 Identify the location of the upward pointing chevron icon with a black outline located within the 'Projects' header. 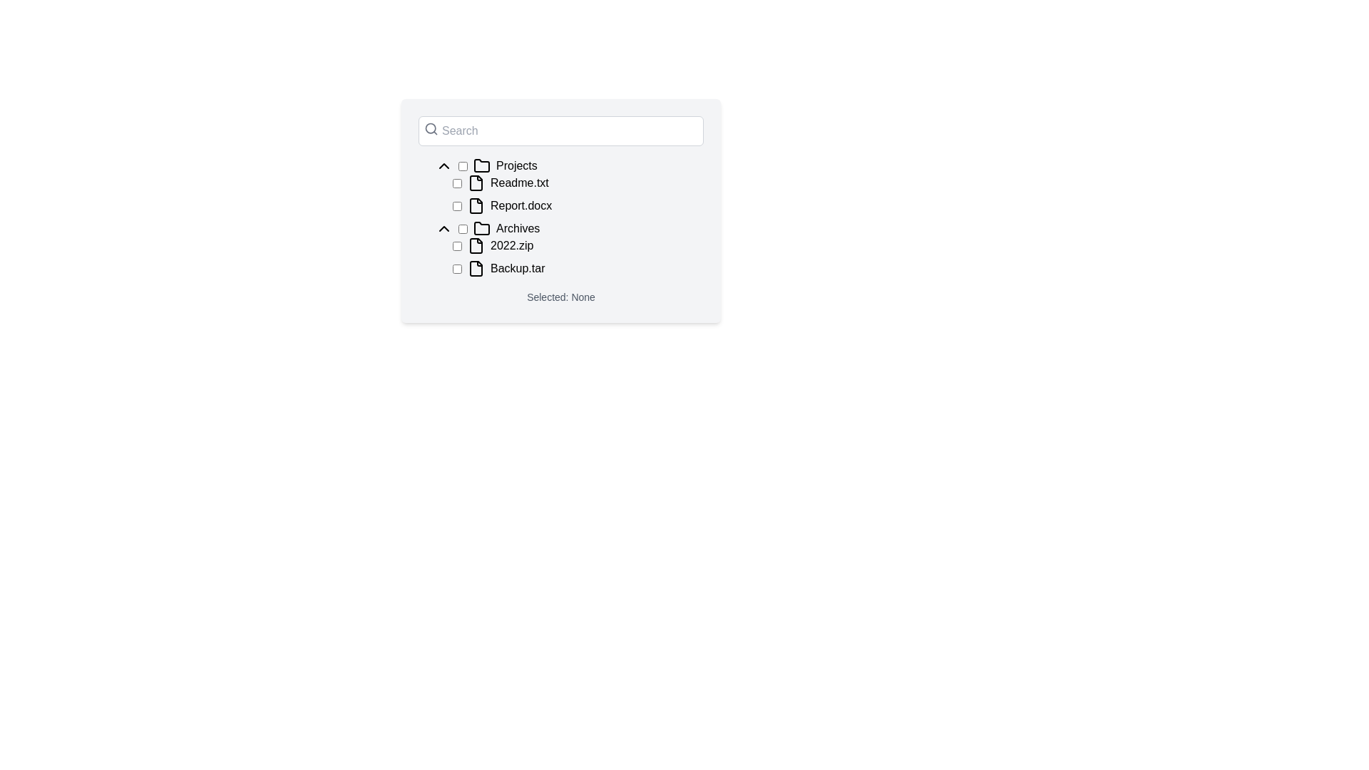
(443, 165).